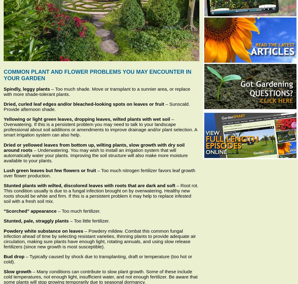  I want to click on 'and/or bleached-looking spots on leaves or fruit', so click(57, 104).